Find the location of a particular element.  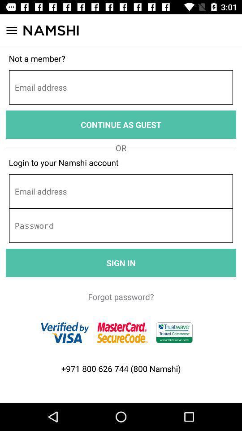

the item above the forgot password? is located at coordinates (121, 263).